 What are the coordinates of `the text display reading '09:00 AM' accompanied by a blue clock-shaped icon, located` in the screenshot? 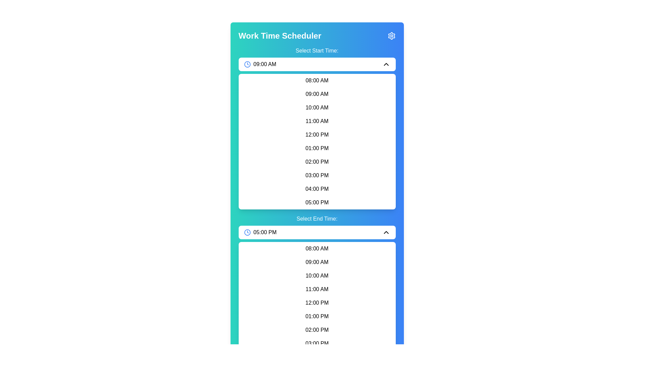 It's located at (260, 64).